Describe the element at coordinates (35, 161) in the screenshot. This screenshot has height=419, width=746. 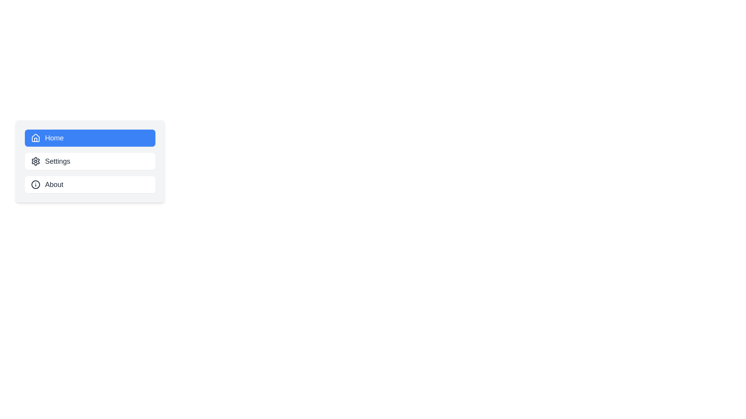
I see `the 'Settings' button which is associated with the gear icon positioned to the left side of the button, next to the text 'Settings'` at that location.